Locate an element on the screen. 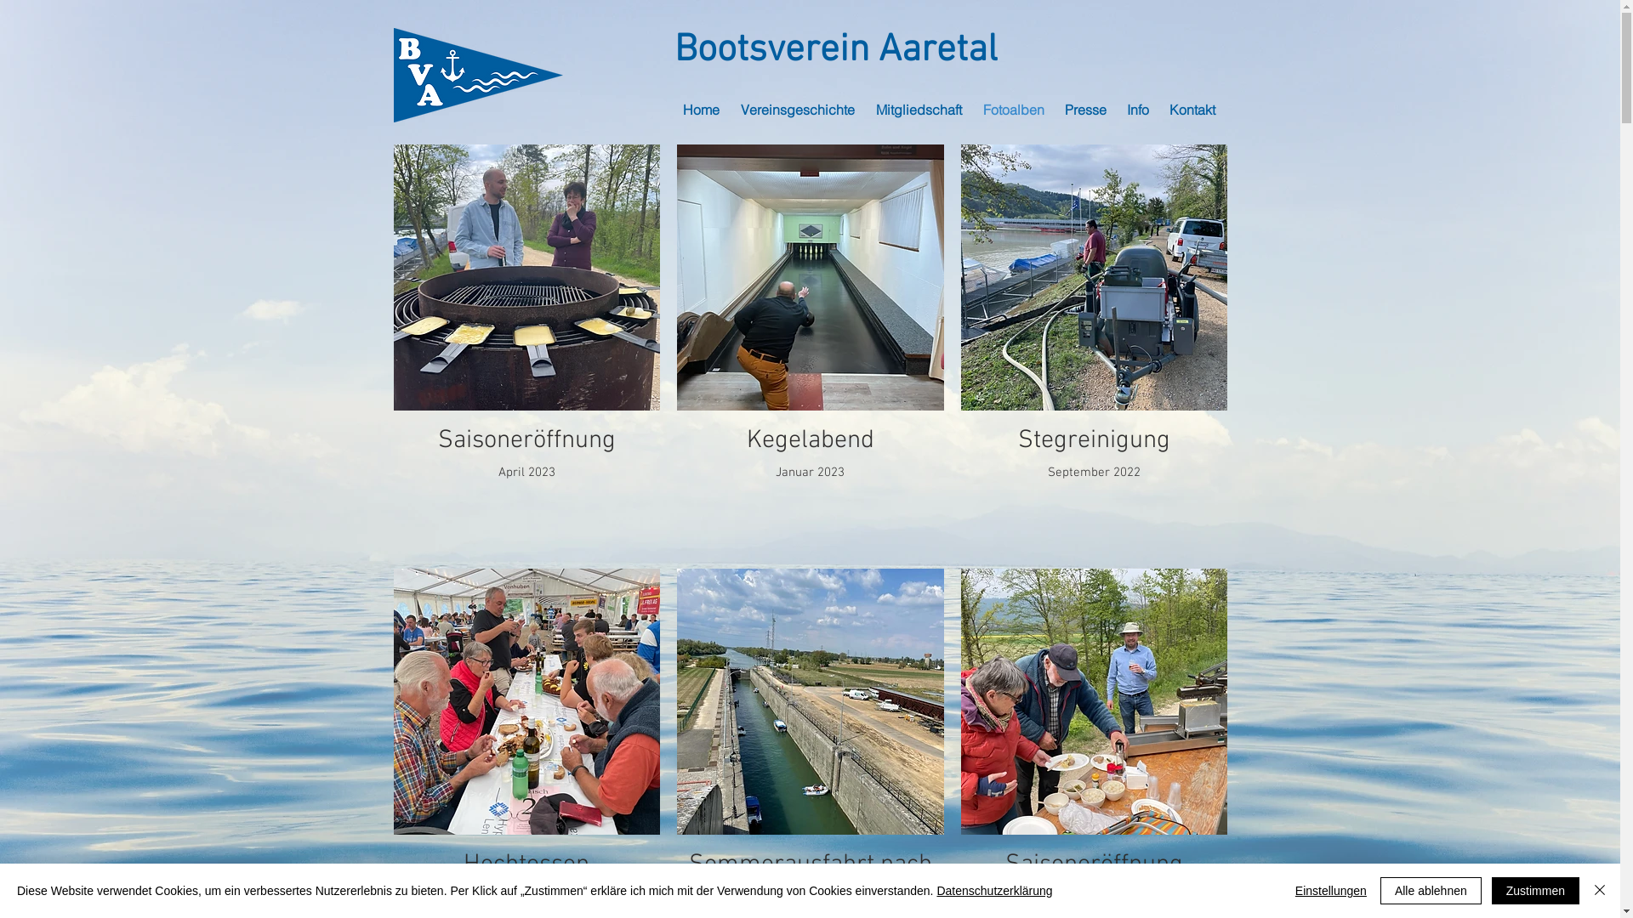 The image size is (1633, 918). 'Home' is located at coordinates (702, 109).